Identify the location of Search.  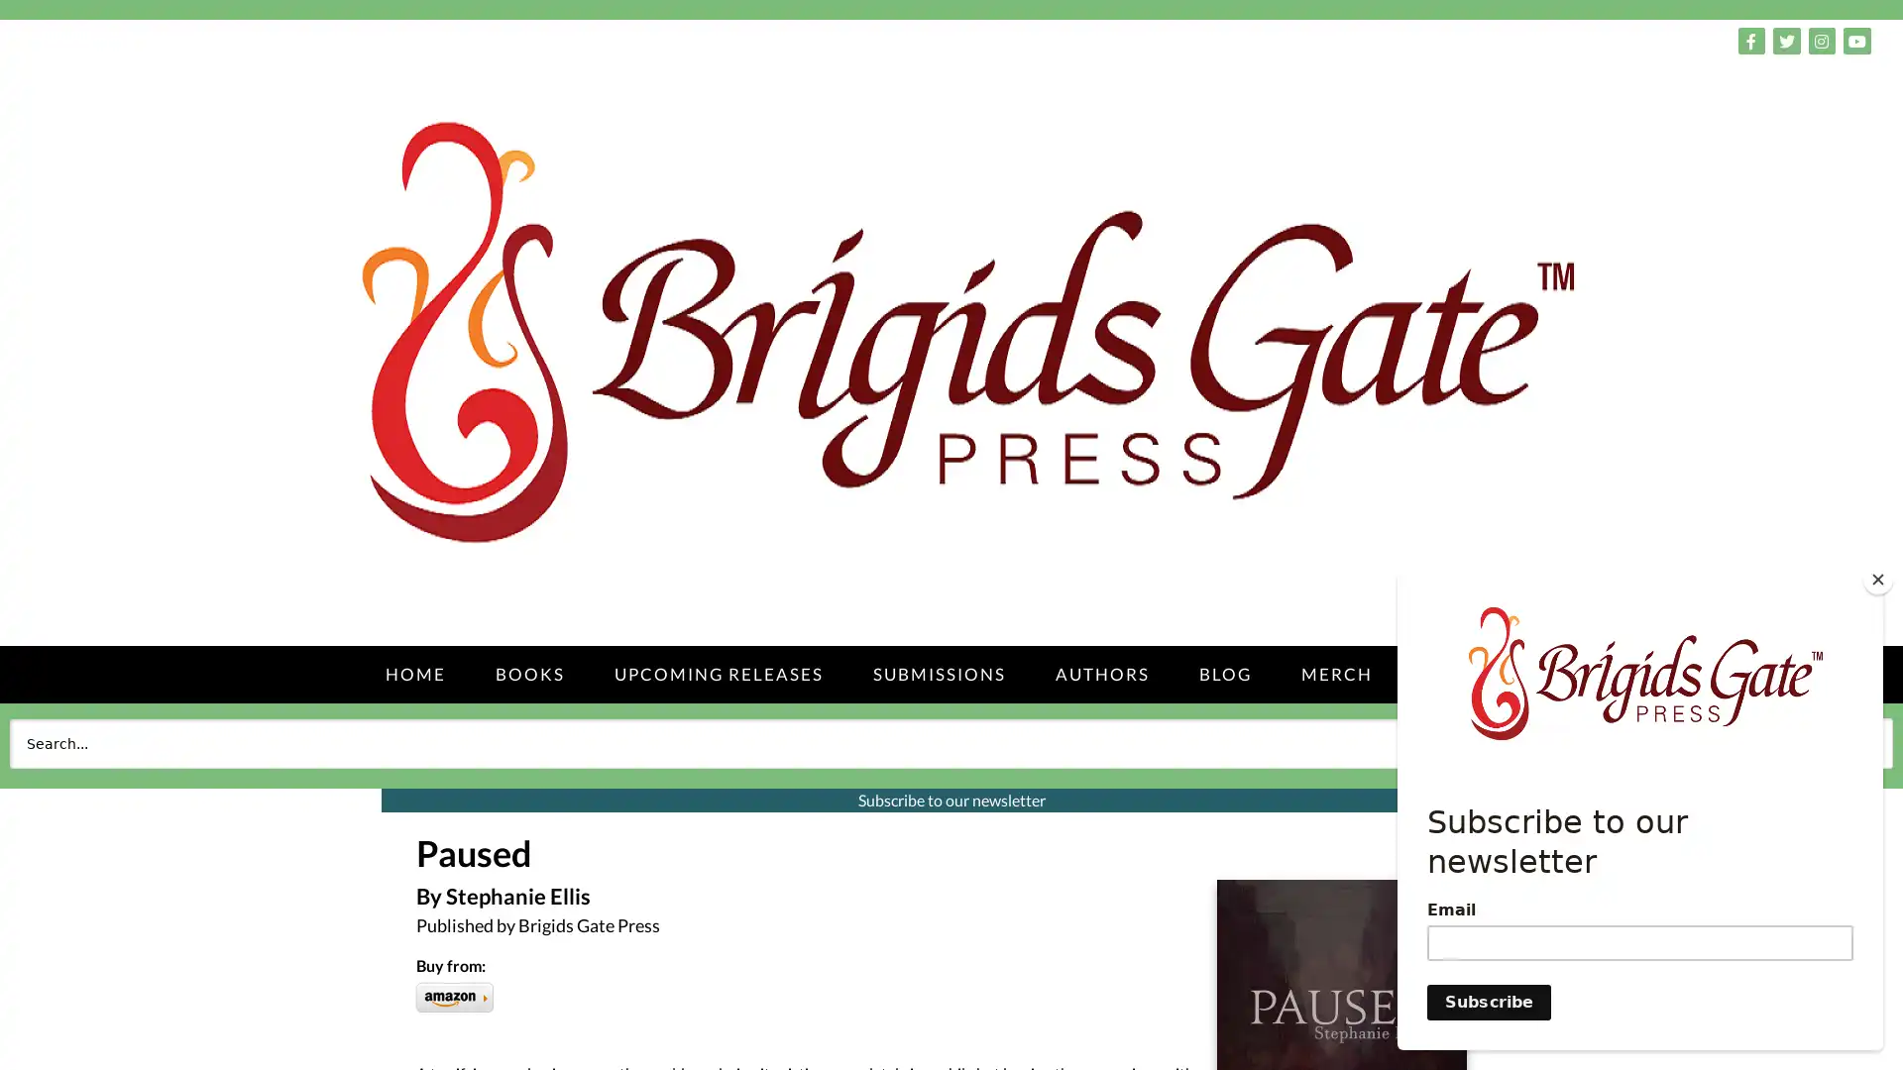
(1847, 742).